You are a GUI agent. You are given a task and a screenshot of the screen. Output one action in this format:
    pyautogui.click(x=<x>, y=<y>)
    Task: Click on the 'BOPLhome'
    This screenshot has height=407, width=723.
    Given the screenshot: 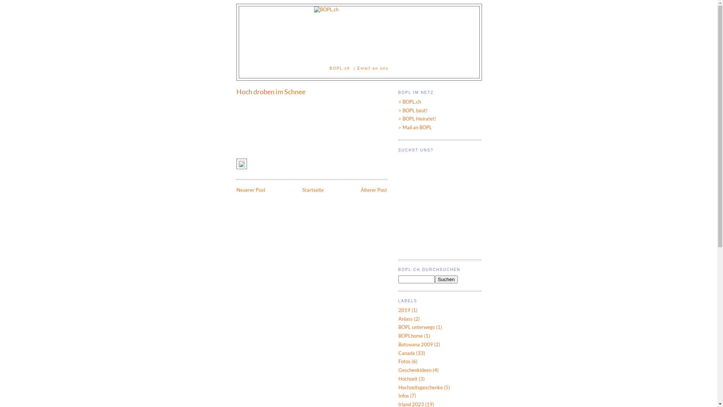 What is the action you would take?
    pyautogui.click(x=410, y=335)
    